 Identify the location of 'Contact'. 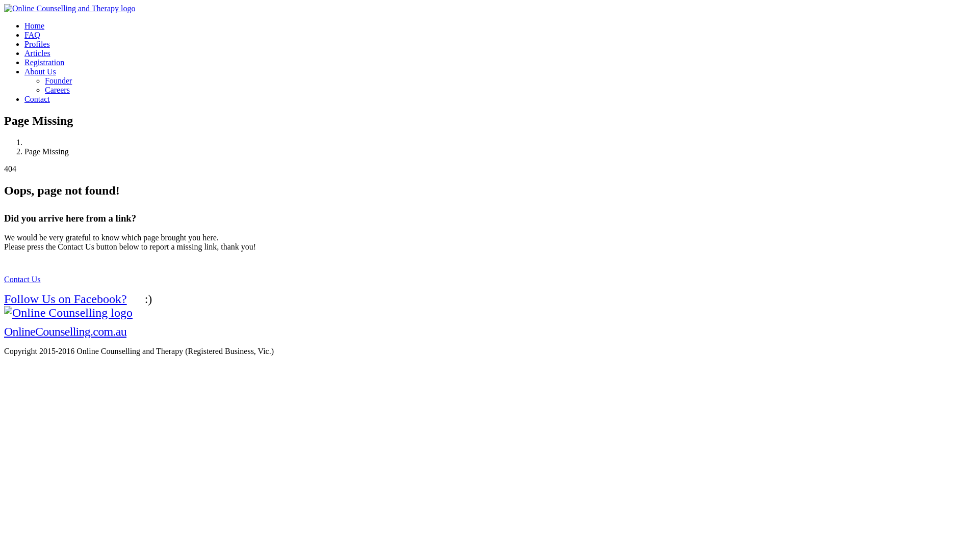
(37, 99).